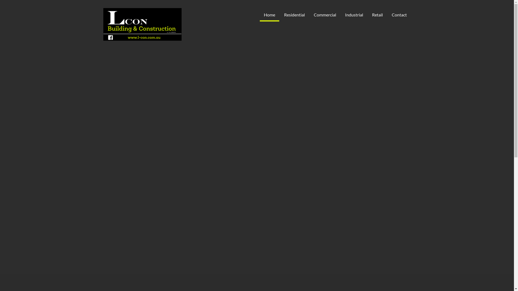  I want to click on 'Residential', so click(294, 14).